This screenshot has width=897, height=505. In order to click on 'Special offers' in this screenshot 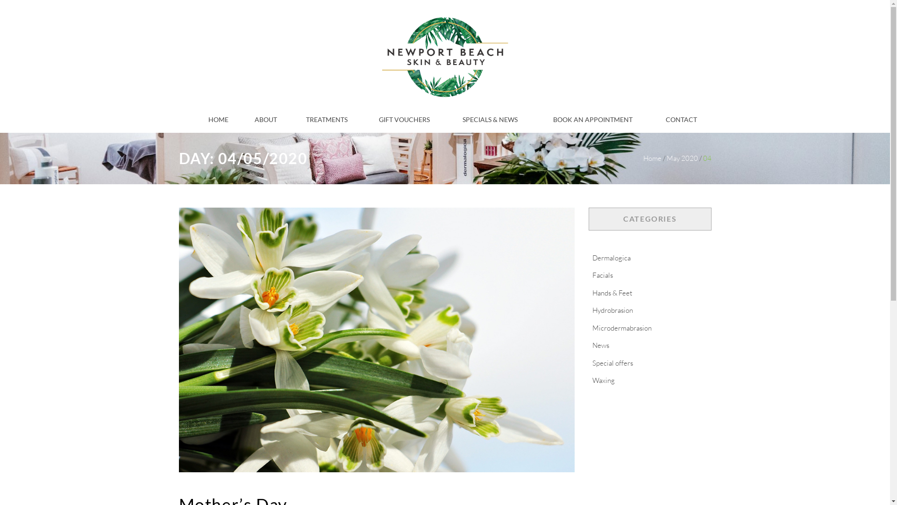, I will do `click(612, 362)`.